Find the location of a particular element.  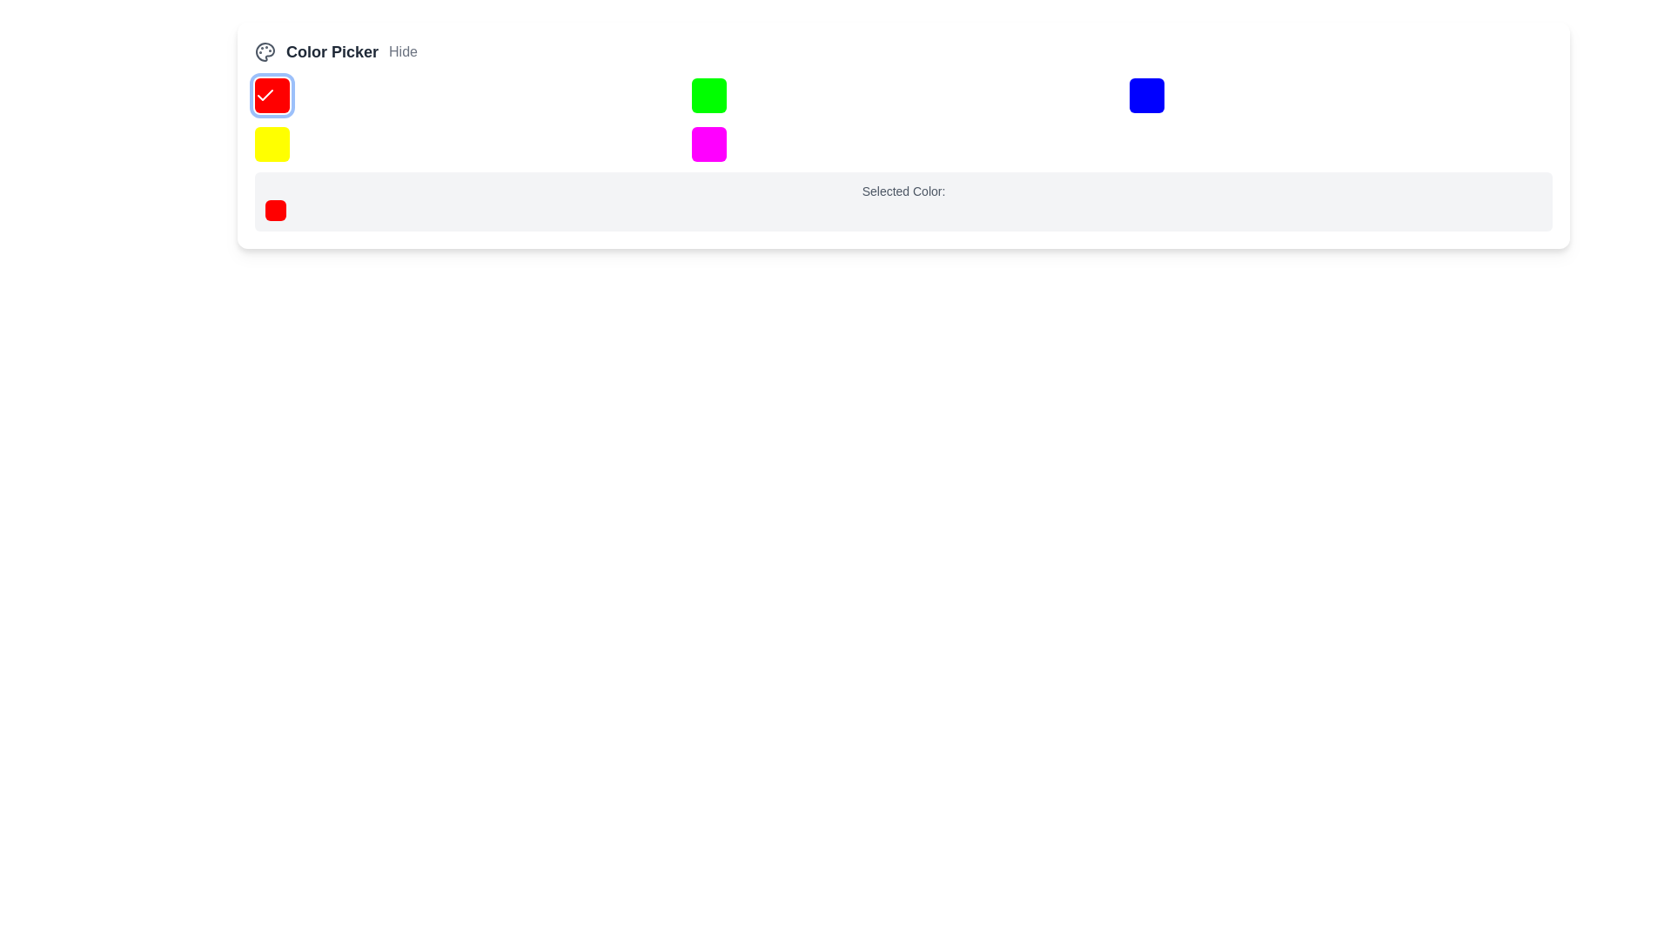

the 'Hide' text label, which is styled in subtle gray and positioned to the right of the 'Color Picker' label, to hide the color picker is located at coordinates (402, 51).